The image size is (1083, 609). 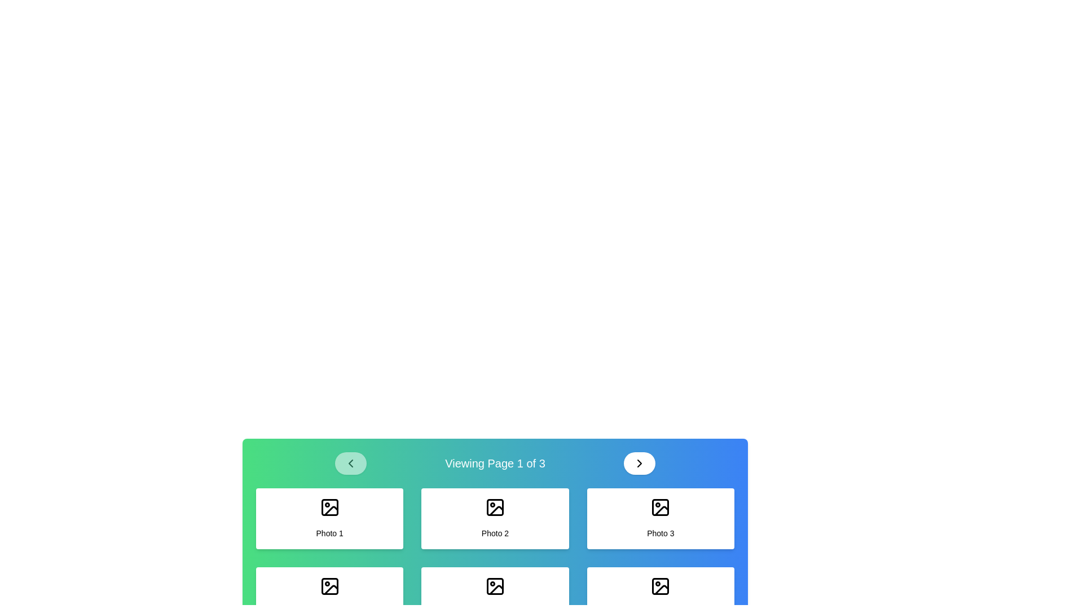 I want to click on the photo icon within the card labeled 'Photo 5', located in the second row, third column of the grid layout, so click(x=495, y=586).